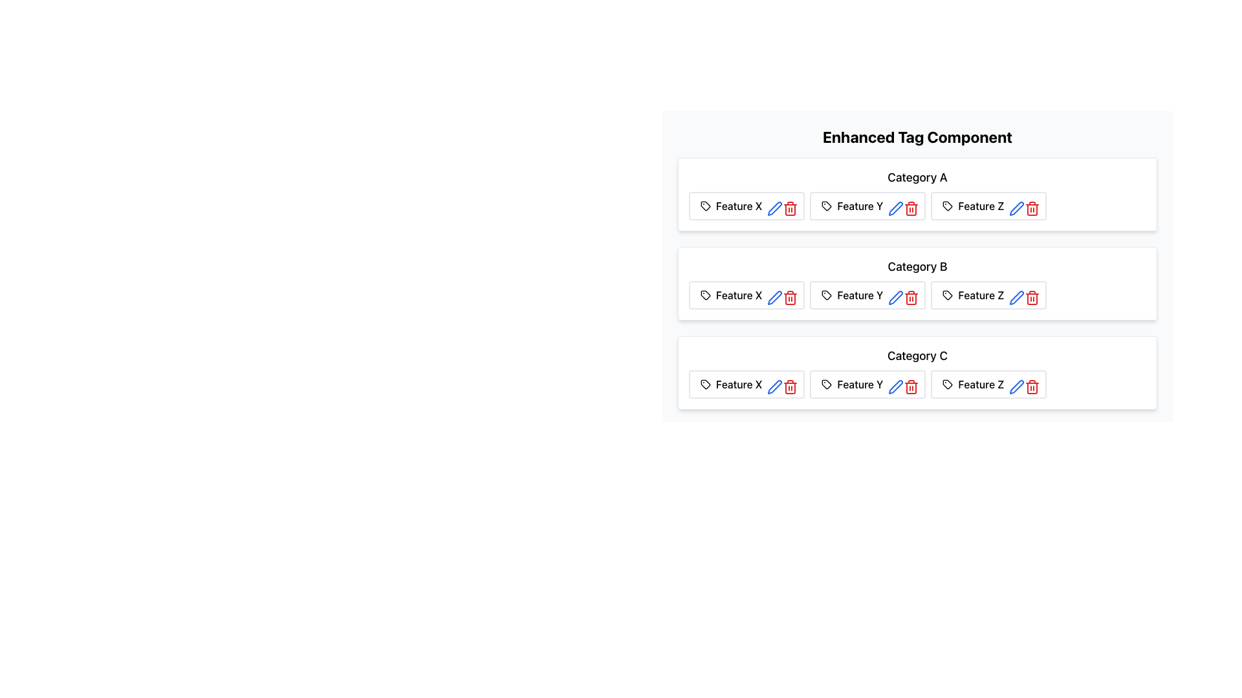  I want to click on the text label displaying 'Feature Y' with a yellow background and rounded borders, located in the second slot of the first row in the 'Category A' section, so click(860, 206).